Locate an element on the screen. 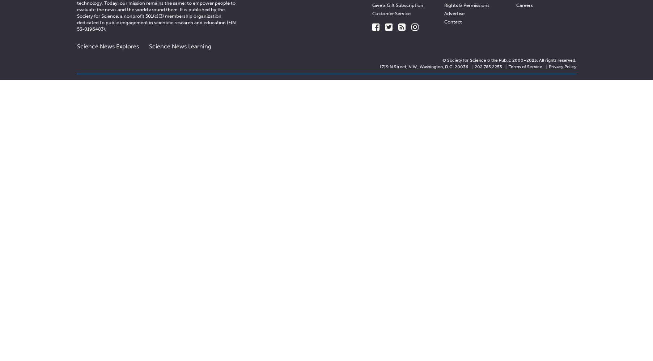  'Contact' is located at coordinates (453, 21).